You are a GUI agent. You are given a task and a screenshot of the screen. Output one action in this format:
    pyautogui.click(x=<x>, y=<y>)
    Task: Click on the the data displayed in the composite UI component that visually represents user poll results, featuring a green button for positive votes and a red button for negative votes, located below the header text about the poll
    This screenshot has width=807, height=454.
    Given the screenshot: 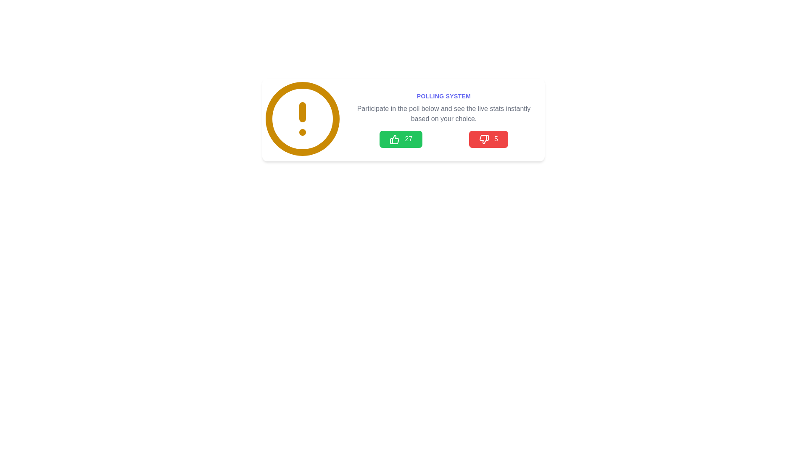 What is the action you would take?
    pyautogui.click(x=443, y=139)
    